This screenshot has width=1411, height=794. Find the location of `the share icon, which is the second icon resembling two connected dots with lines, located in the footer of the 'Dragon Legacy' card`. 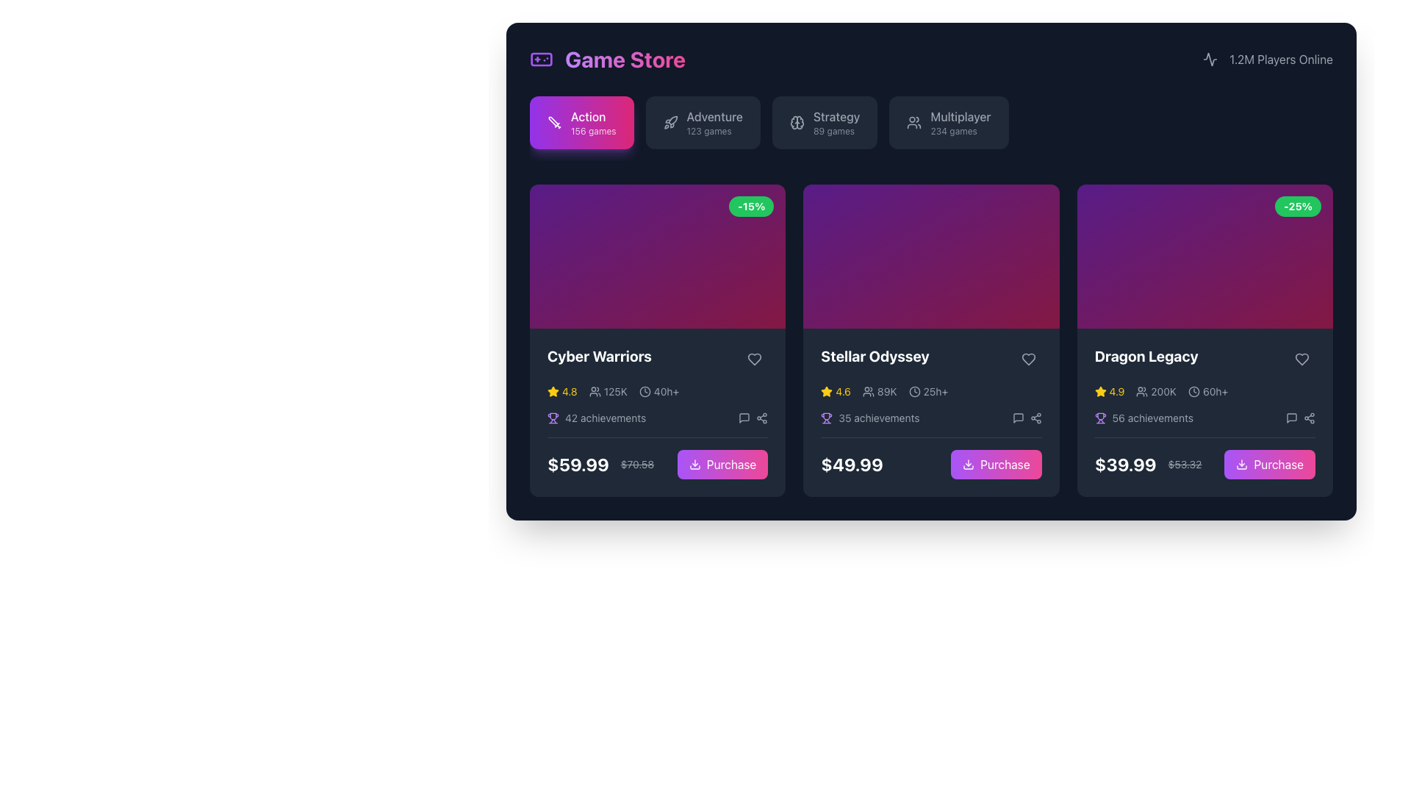

the share icon, which is the second icon resembling two connected dots with lines, located in the footer of the 'Dragon Legacy' card is located at coordinates (1301, 417).